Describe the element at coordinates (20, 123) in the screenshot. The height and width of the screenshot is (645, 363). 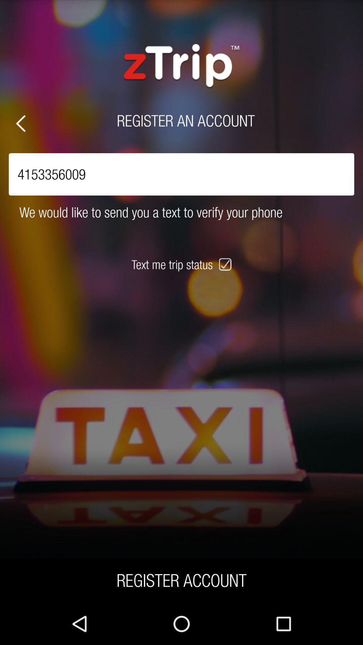
I see `the icon at the top left corner` at that location.